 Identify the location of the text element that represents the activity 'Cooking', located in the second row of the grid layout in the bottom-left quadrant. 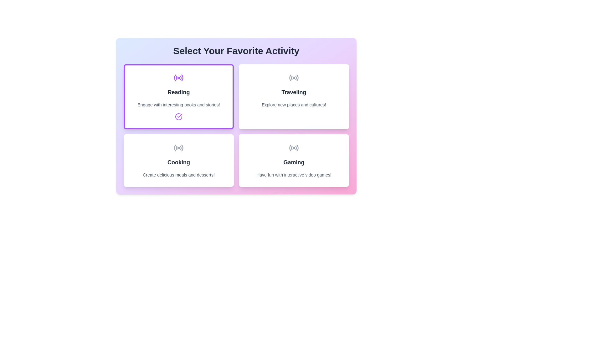
(178, 162).